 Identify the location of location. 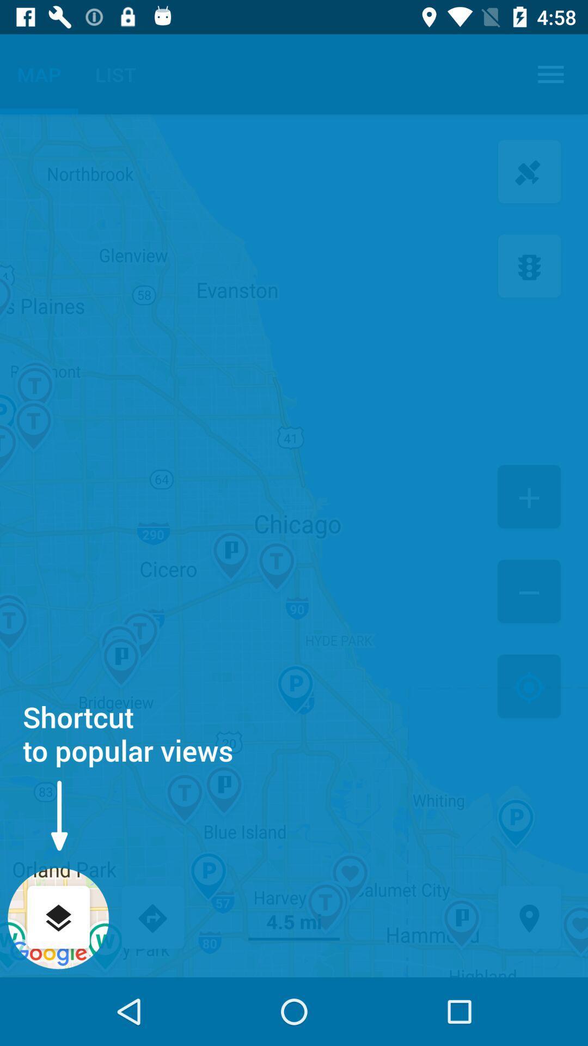
(529, 918).